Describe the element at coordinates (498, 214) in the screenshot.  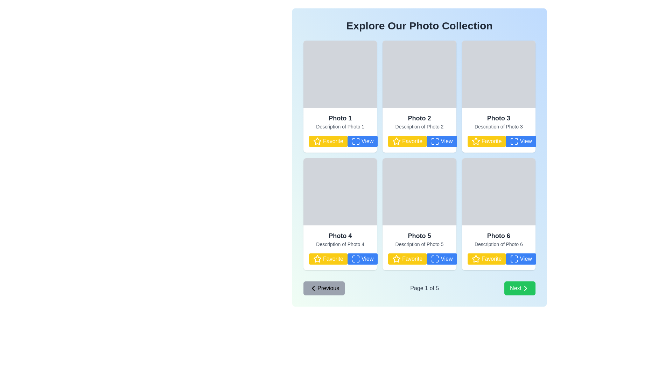
I see `the 'View' button on the sixth gallery item card located in the bottom-right position of the grid layout` at that location.